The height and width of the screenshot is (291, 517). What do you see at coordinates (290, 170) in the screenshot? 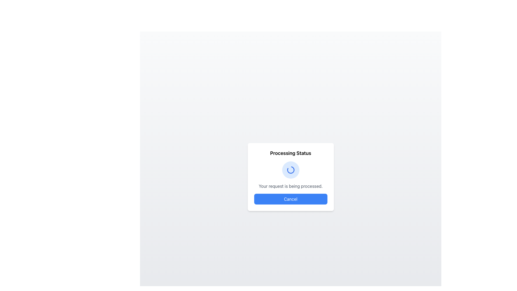
I see `the Spinner (Loading Indicator) which is a circular blue background located within a popup modal box, indicating ongoing processing` at bounding box center [290, 170].